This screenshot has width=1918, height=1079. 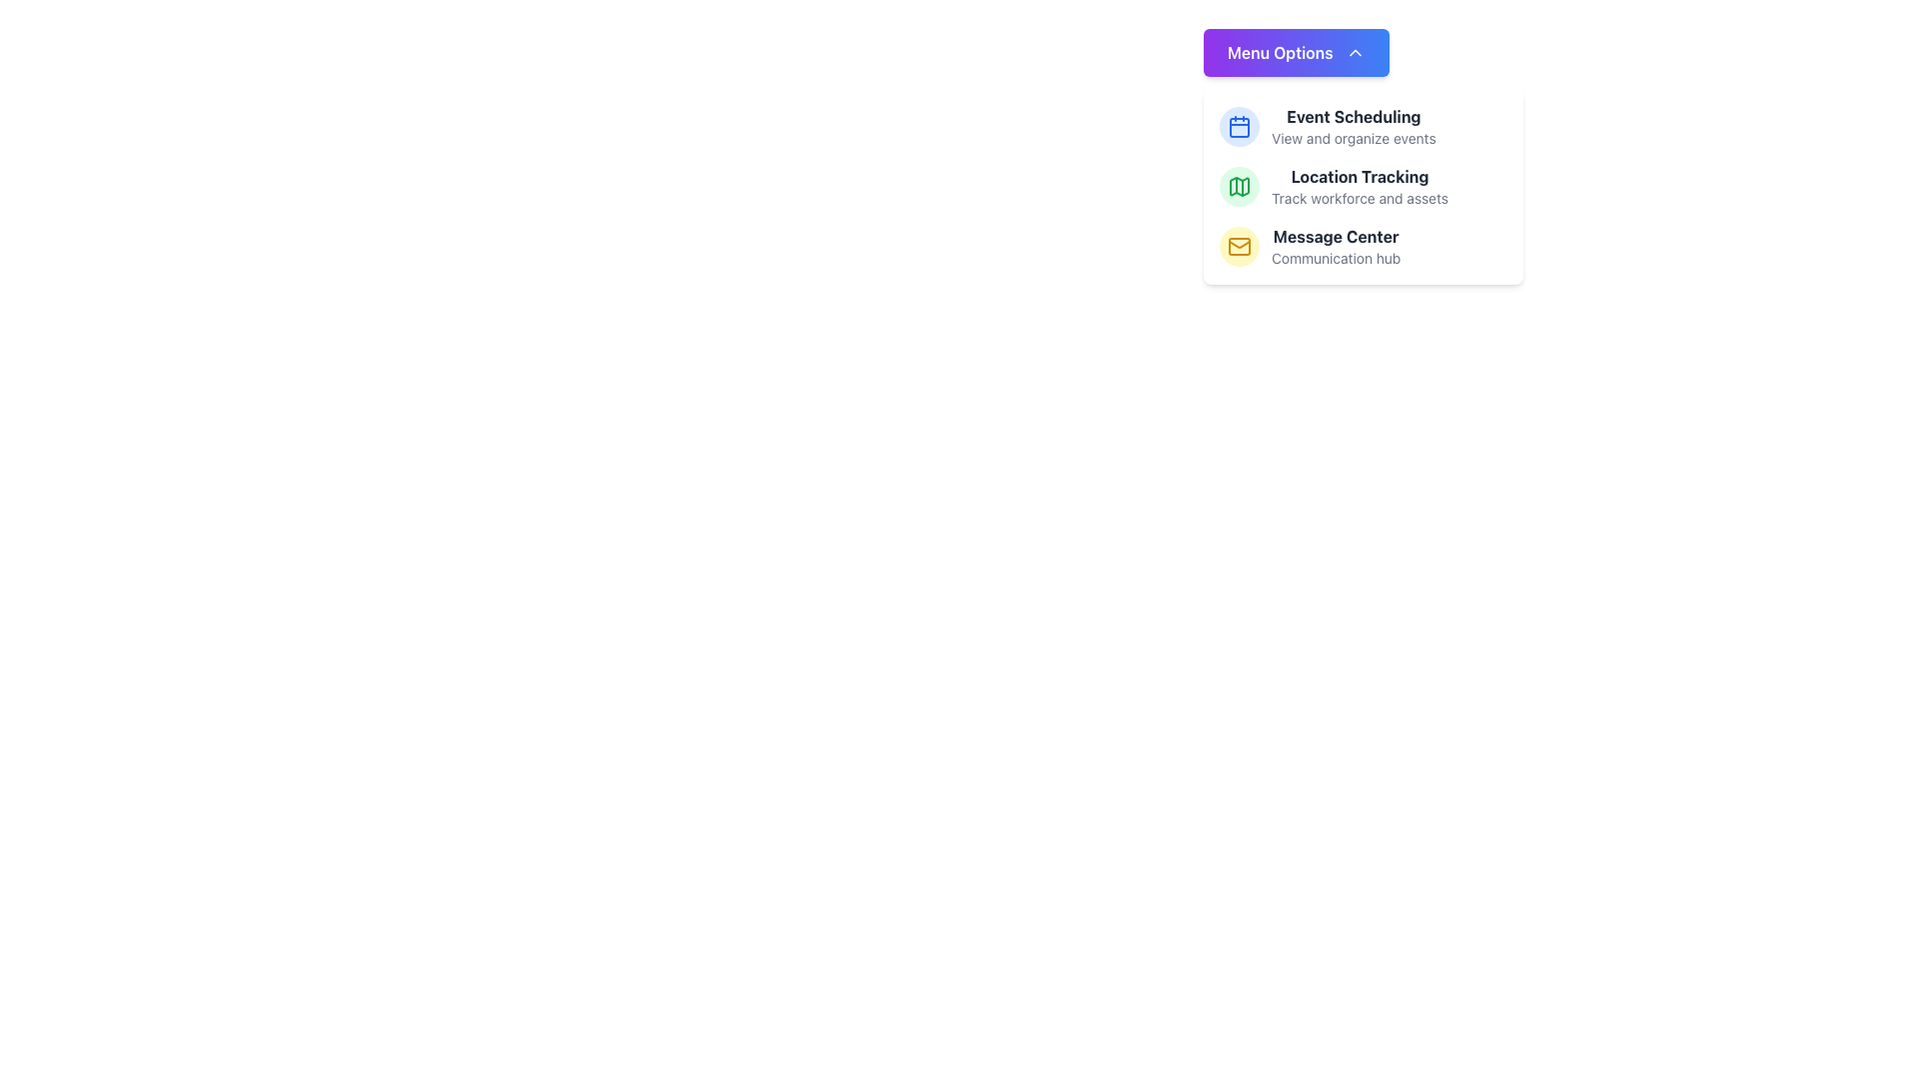 I want to click on the Text Label that provides a descriptive explanation for the 'Event Scheduling' feature, located directly beneath the 'Event Scheduling' title in the dropdown menu, so click(x=1354, y=137).